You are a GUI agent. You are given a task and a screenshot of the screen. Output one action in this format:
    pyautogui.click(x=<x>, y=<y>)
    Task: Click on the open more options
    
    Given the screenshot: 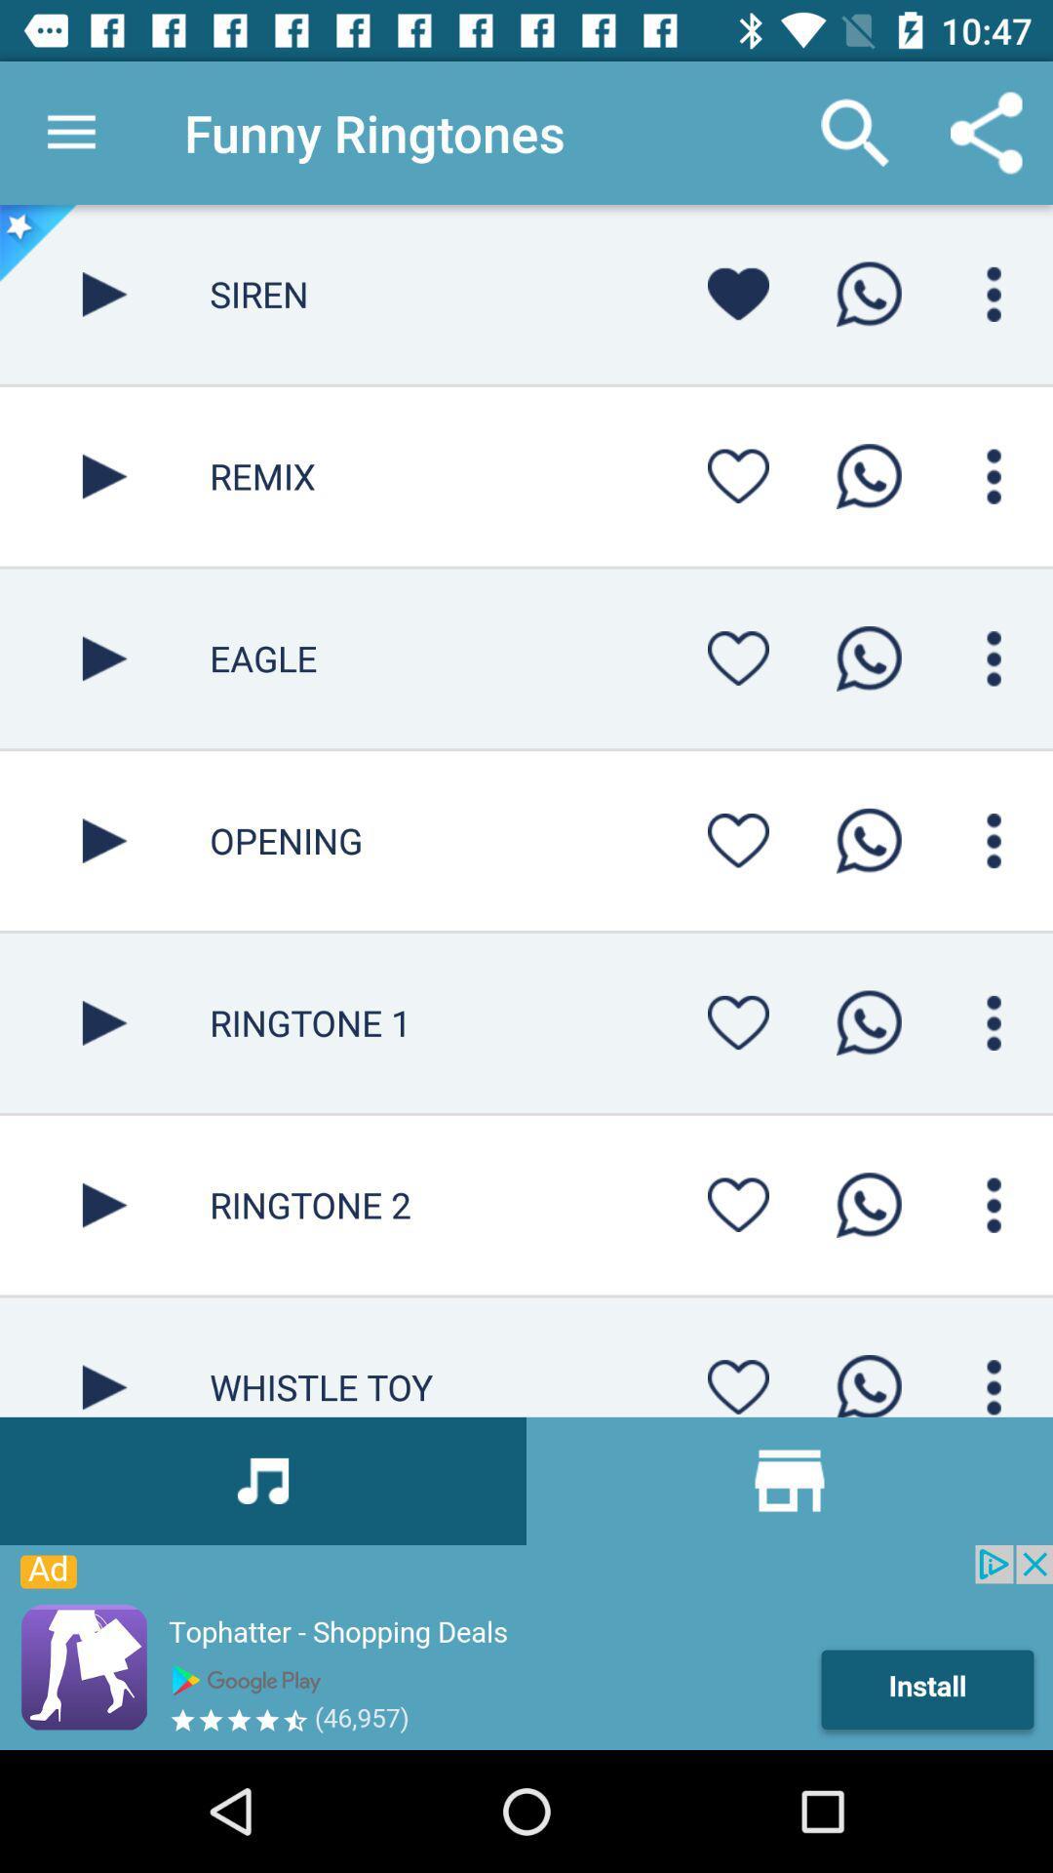 What is the action you would take?
    pyautogui.click(x=994, y=293)
    